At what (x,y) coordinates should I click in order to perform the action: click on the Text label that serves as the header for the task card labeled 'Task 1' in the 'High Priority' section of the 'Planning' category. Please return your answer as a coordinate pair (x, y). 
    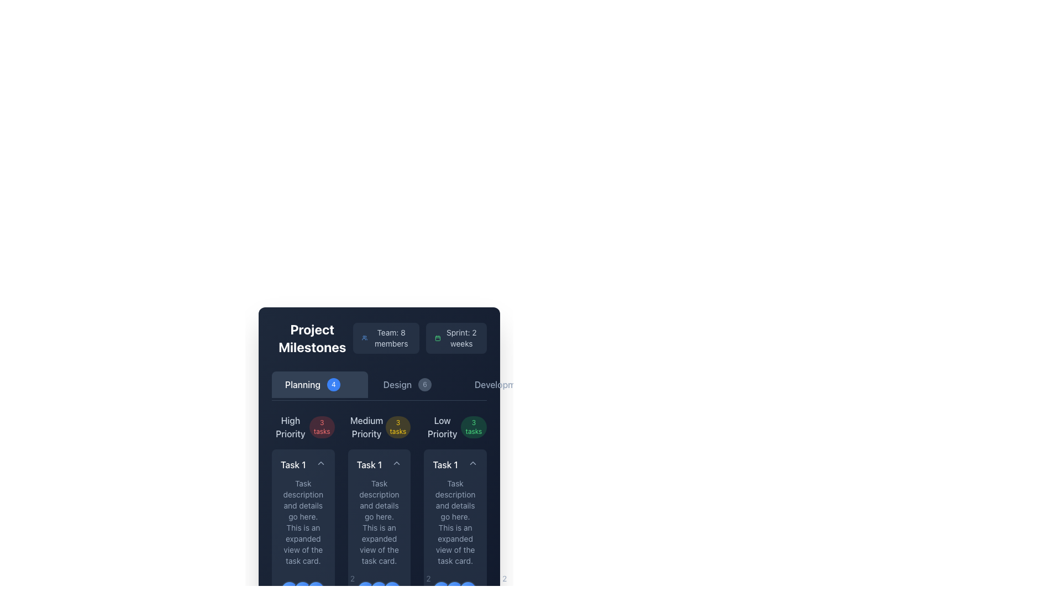
    Looking at the image, I should click on (303, 464).